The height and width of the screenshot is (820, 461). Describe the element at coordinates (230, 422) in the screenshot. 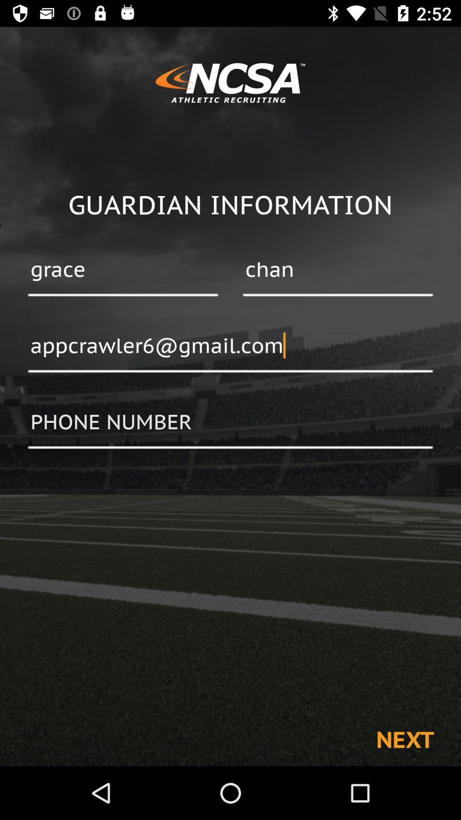

I see `the icon below appcrawler6@gmail.com item` at that location.